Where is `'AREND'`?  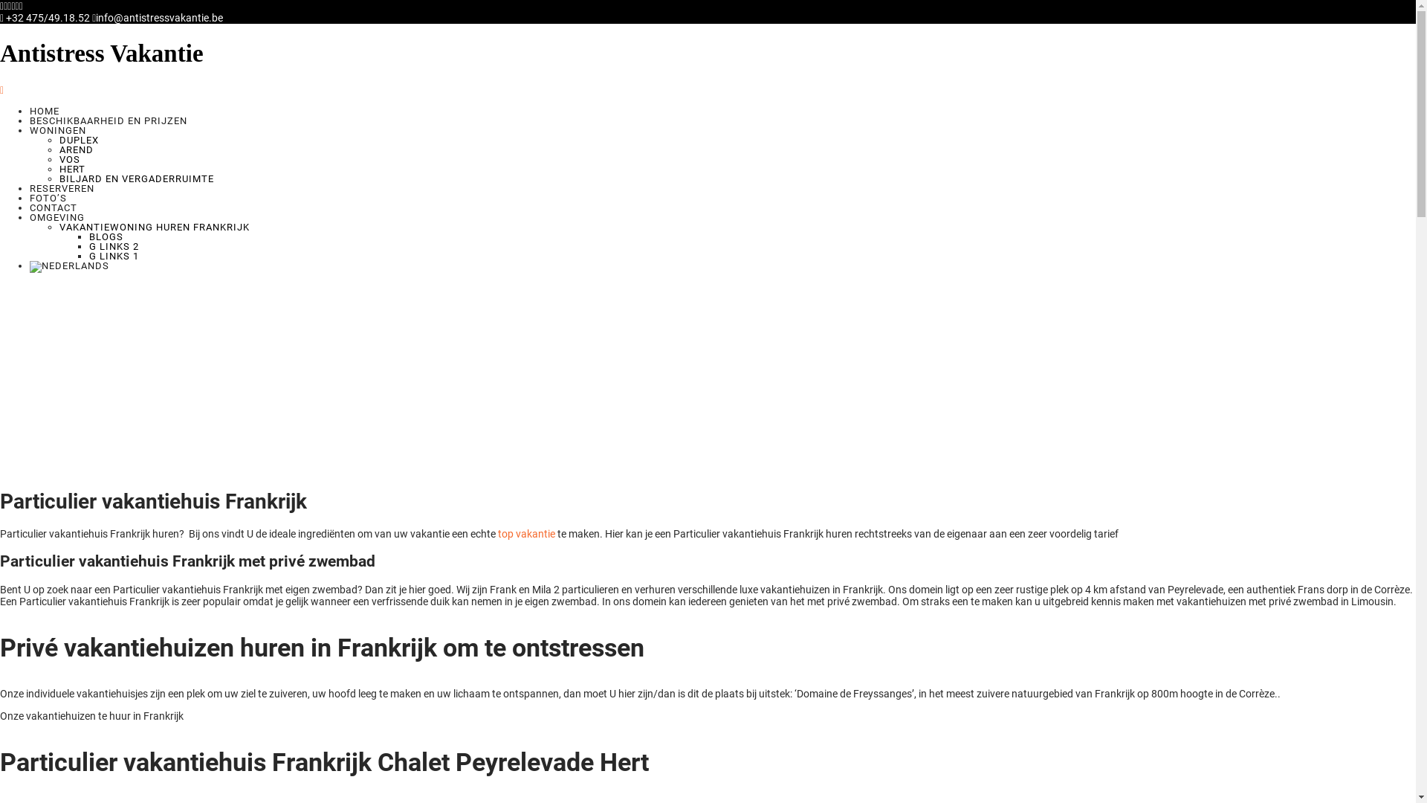
'AREND' is located at coordinates (75, 149).